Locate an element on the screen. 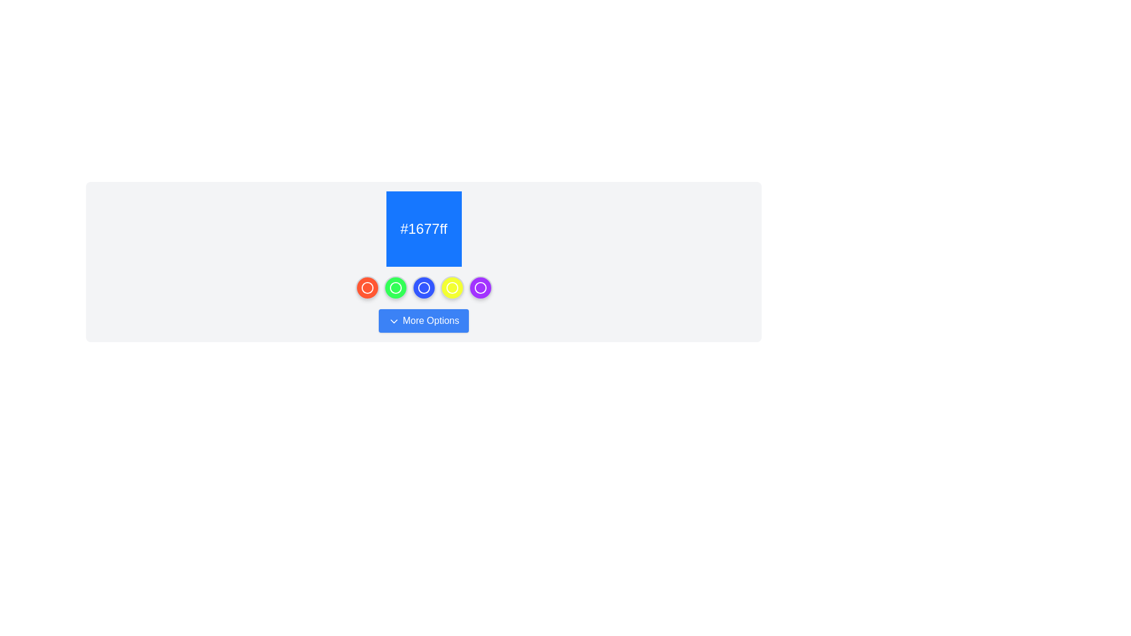 Image resolution: width=1131 pixels, height=636 pixels. the purple circle icon with a white outline, which is the fifth circle from the left in a row of five is located at coordinates (480, 288).